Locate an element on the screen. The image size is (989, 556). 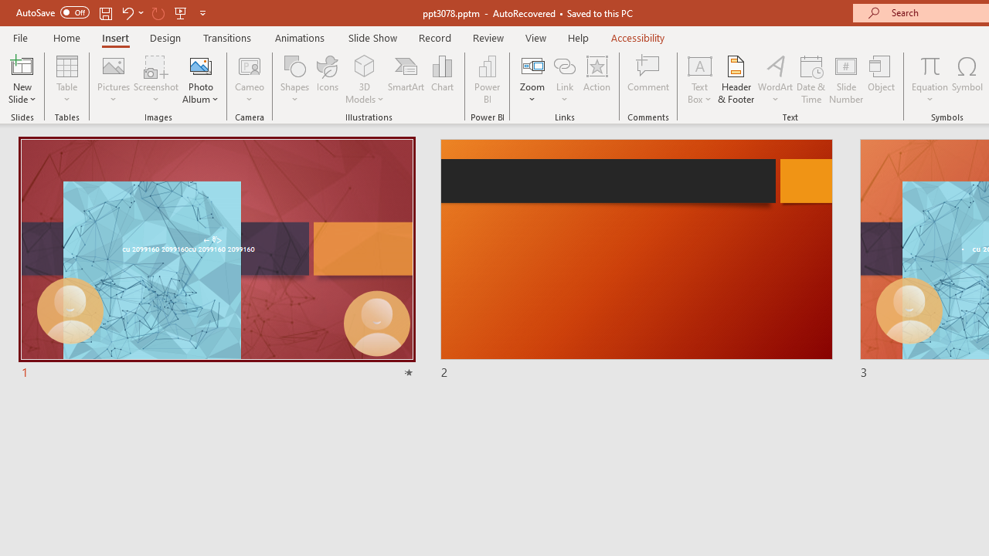
'Draw Horizontal Text Box' is located at coordinates (698, 65).